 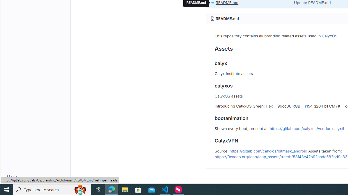 I want to click on 'https://gitlab.com/calyxos/bitmask_android', so click(x=268, y=151).